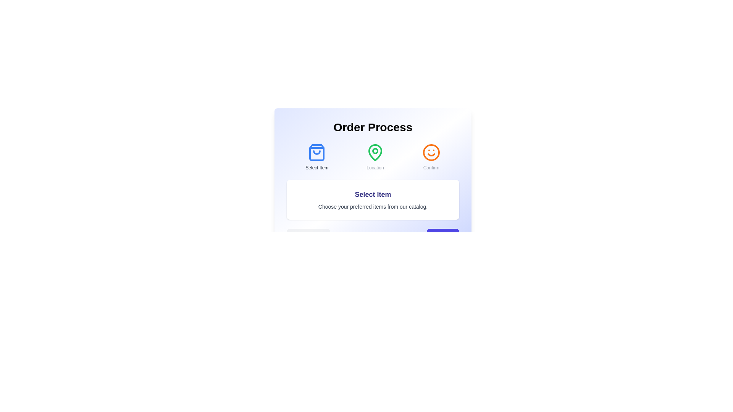 Image resolution: width=733 pixels, height=412 pixels. Describe the element at coordinates (375, 153) in the screenshot. I see `the icon representing the step Location` at that location.